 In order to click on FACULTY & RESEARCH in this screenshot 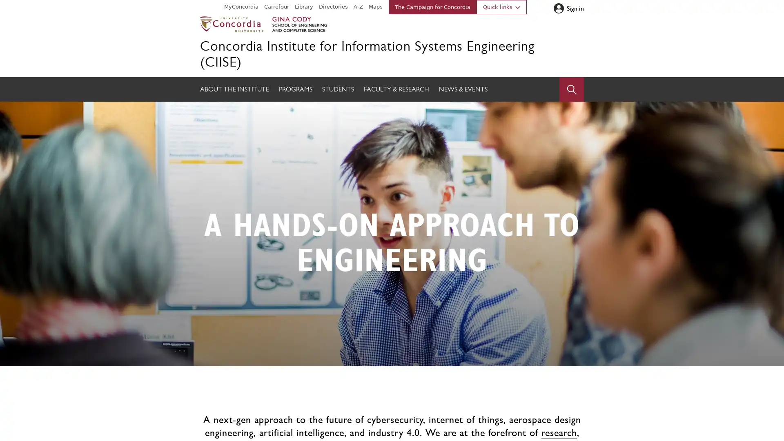, I will do `click(396, 89)`.